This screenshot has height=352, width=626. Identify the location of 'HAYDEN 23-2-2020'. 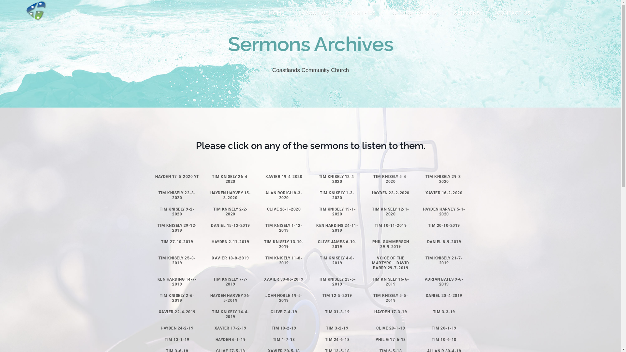
(391, 192).